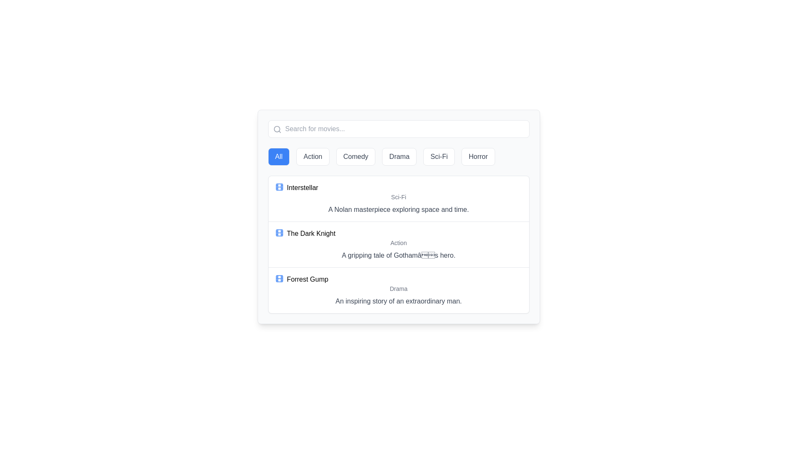 The height and width of the screenshot is (454, 807). I want to click on information displayed on the Information card for the movie 'Forrest Gump', which is the third element in a vertical list of movie descriptions, so click(398, 290).